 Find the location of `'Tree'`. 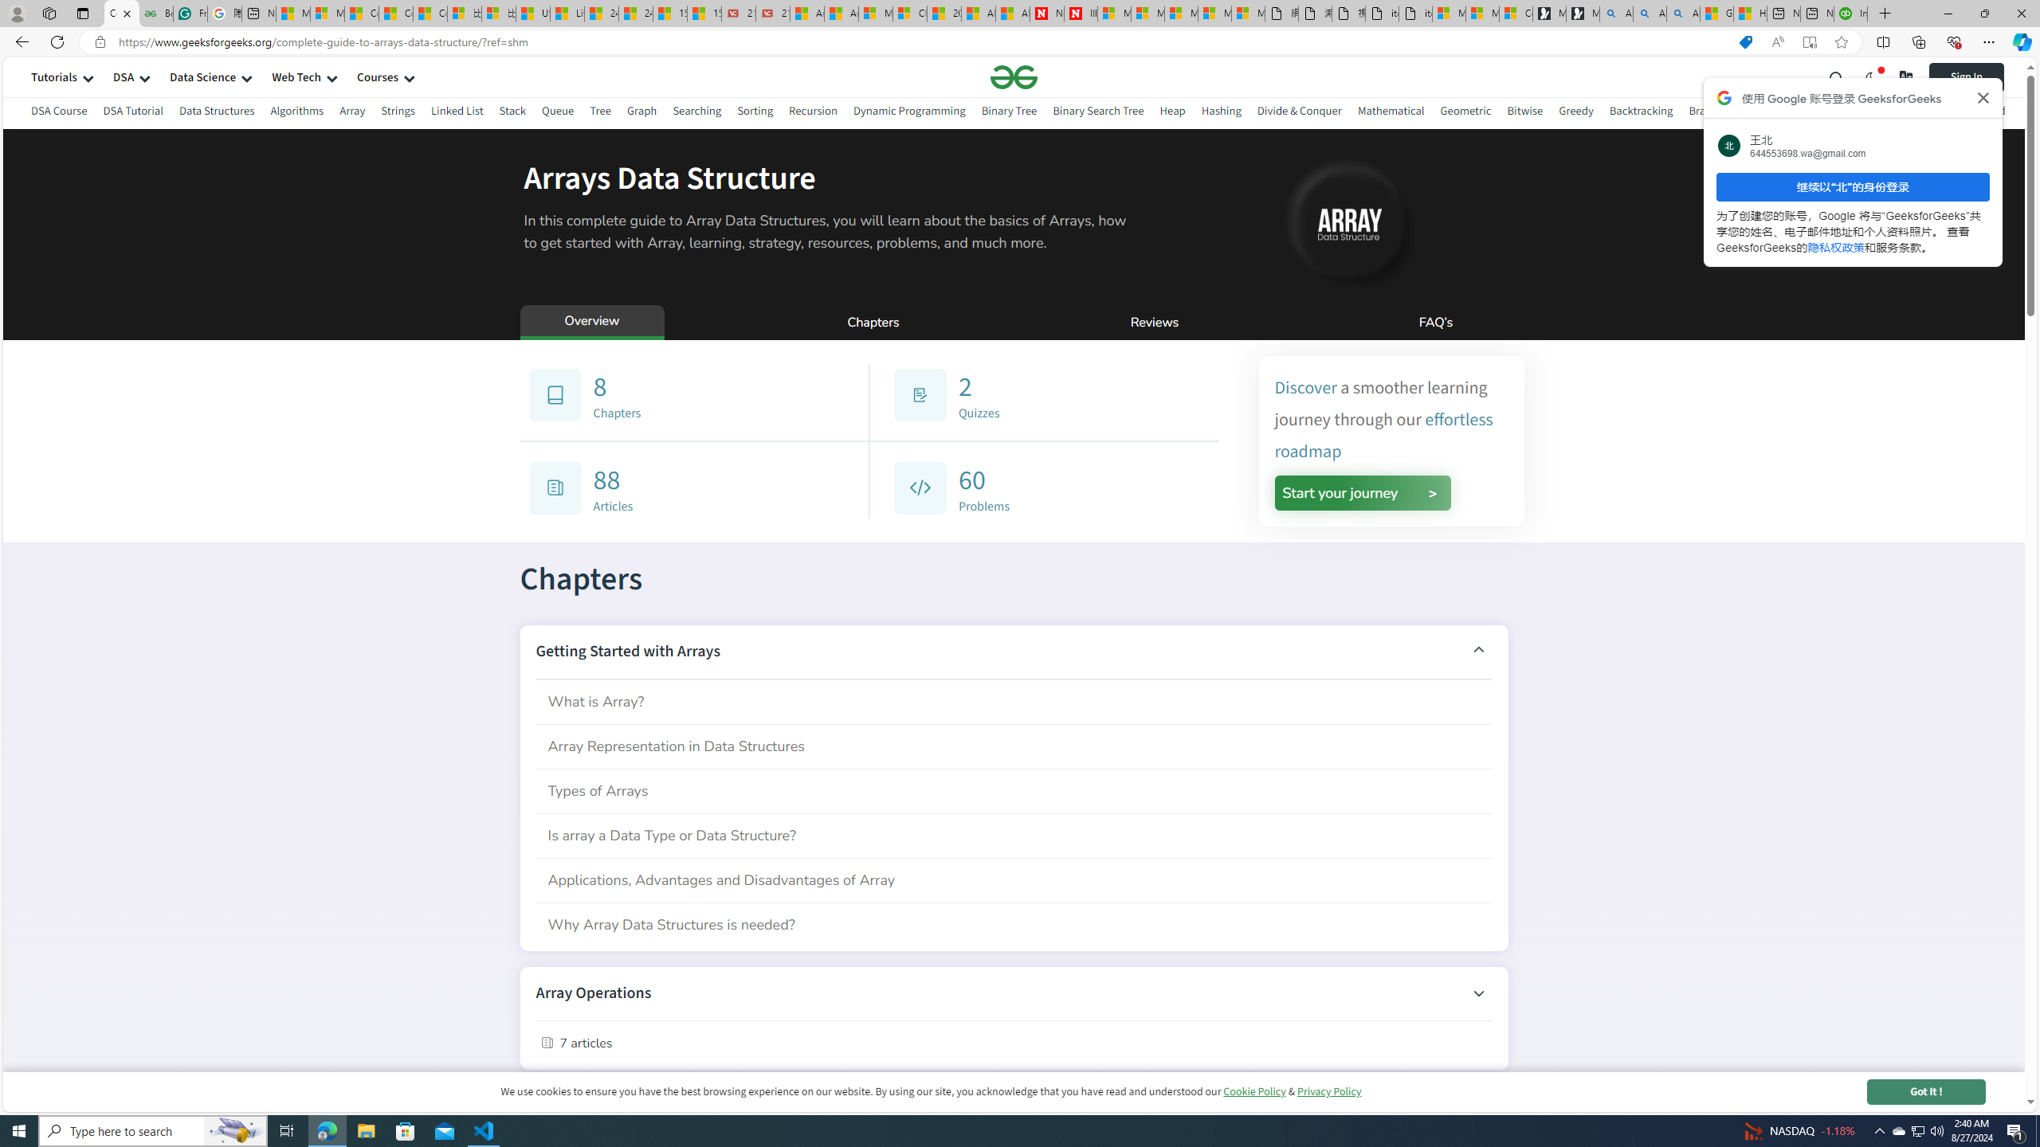

'Tree' is located at coordinates (600, 112).